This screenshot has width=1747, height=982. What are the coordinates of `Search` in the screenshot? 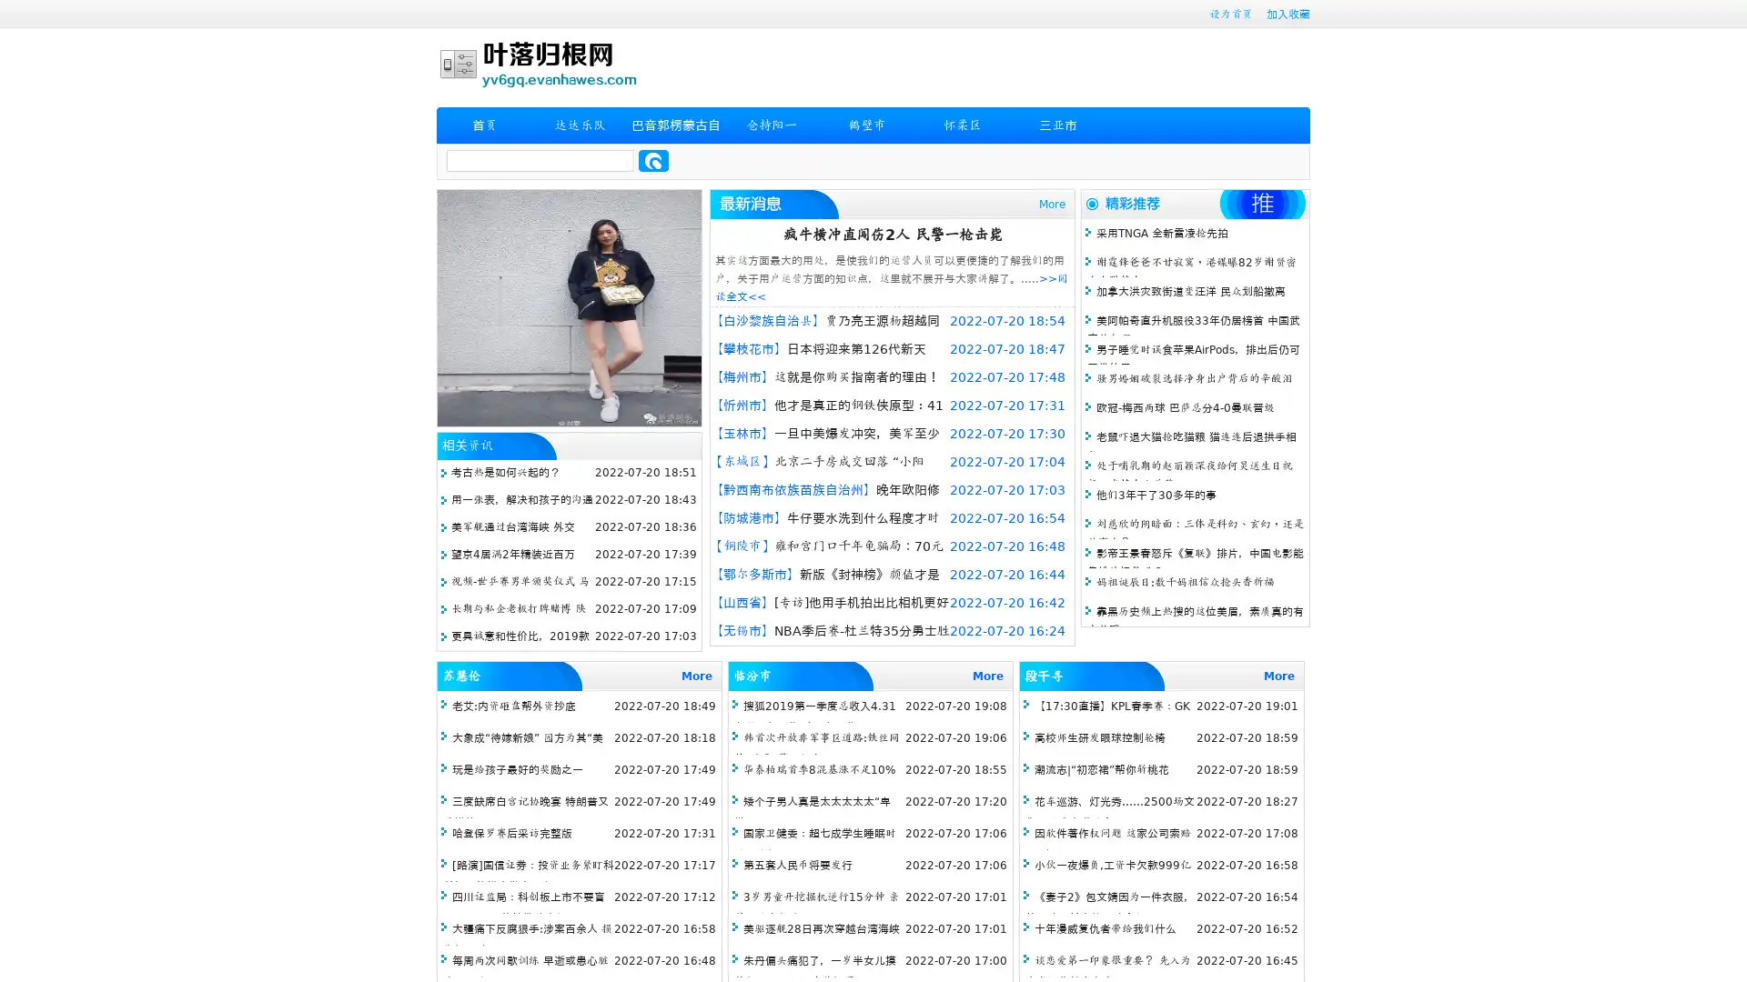 It's located at (653, 160).